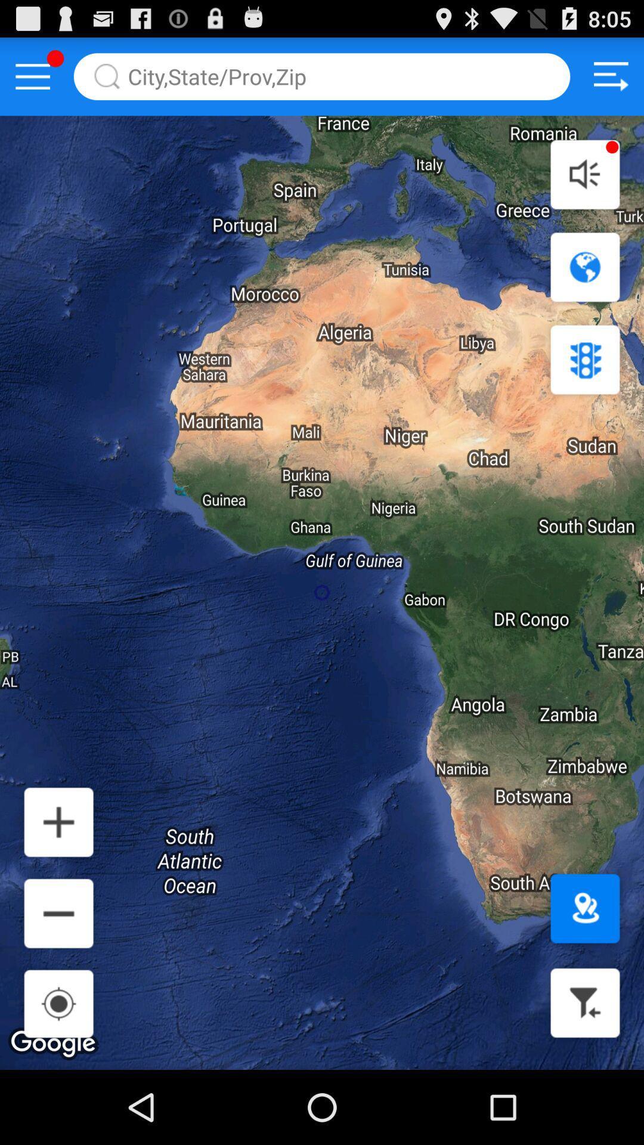 The height and width of the screenshot is (1145, 644). What do you see at coordinates (584, 267) in the screenshot?
I see `google earth` at bounding box center [584, 267].